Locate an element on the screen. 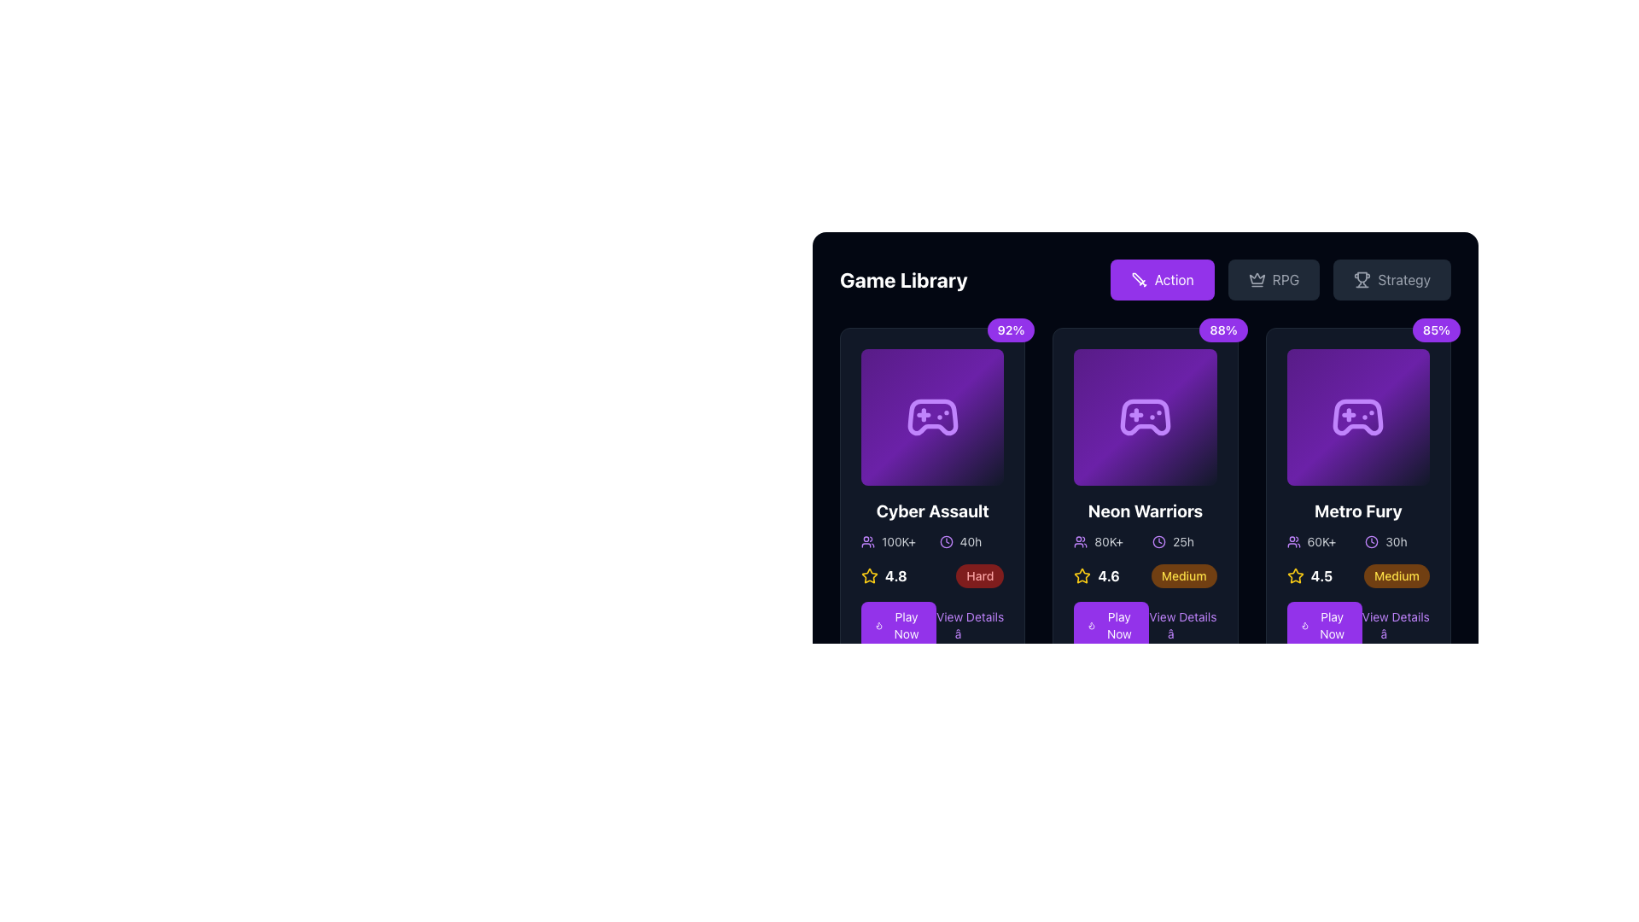 The image size is (1639, 922). the small group of people icon, which is styled with thin purple outlines and indicates a user count, located to the left of the text '60K+' within the lower part of the 'Metro Fury' card is located at coordinates (1293, 542).